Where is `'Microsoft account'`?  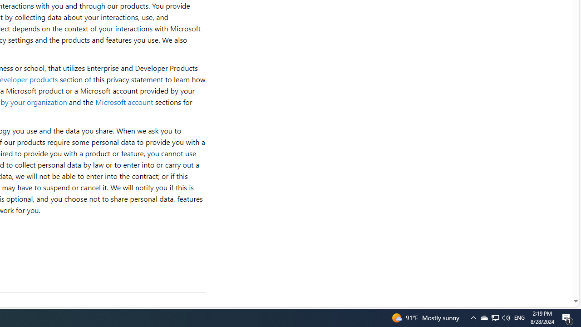
'Microsoft account' is located at coordinates (123, 102).